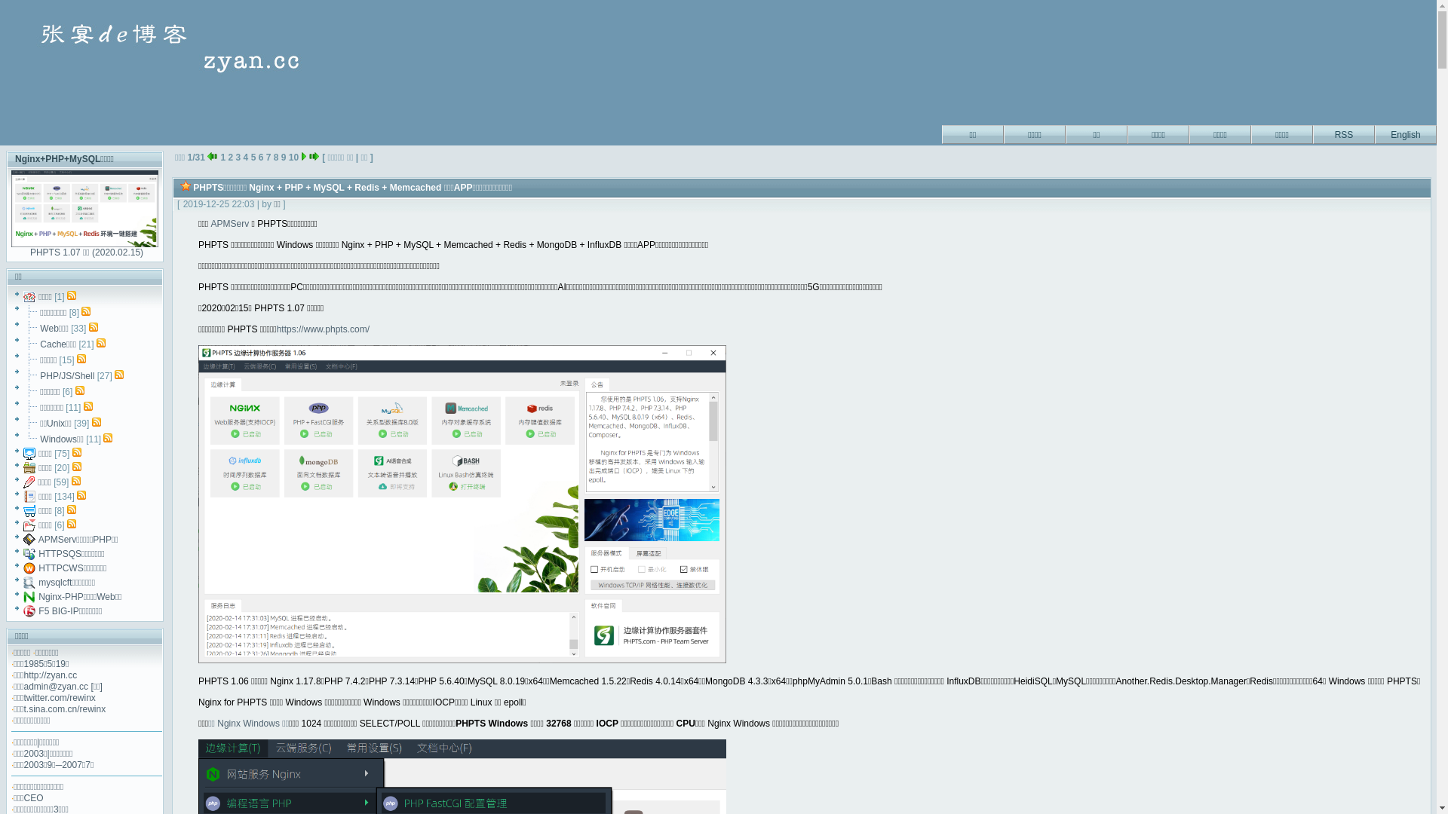 Image resolution: width=1448 pixels, height=814 pixels. Describe the element at coordinates (258, 157) in the screenshot. I see `'6'` at that location.